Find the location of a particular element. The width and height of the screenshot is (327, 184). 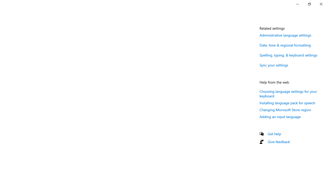

'Administrative language settings' is located at coordinates (285, 35).